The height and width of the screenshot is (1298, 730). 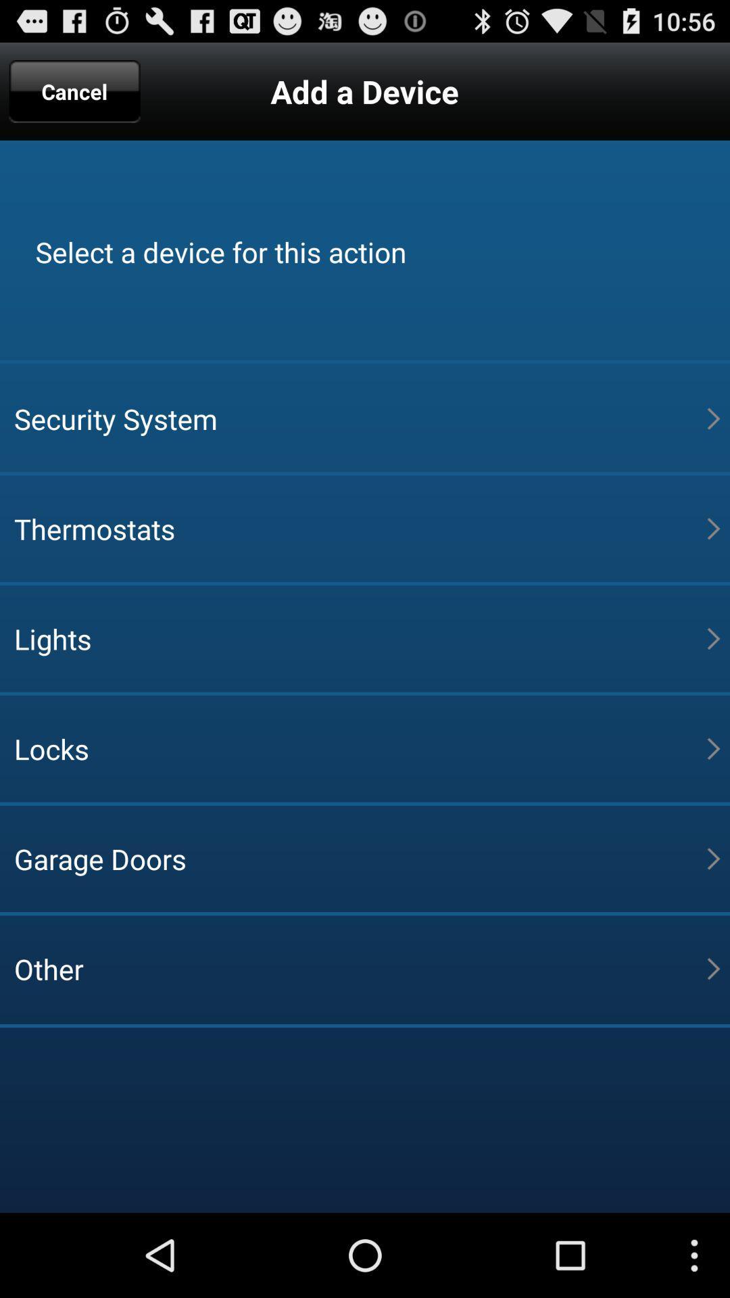 What do you see at coordinates (360, 748) in the screenshot?
I see `app below lights icon` at bounding box center [360, 748].